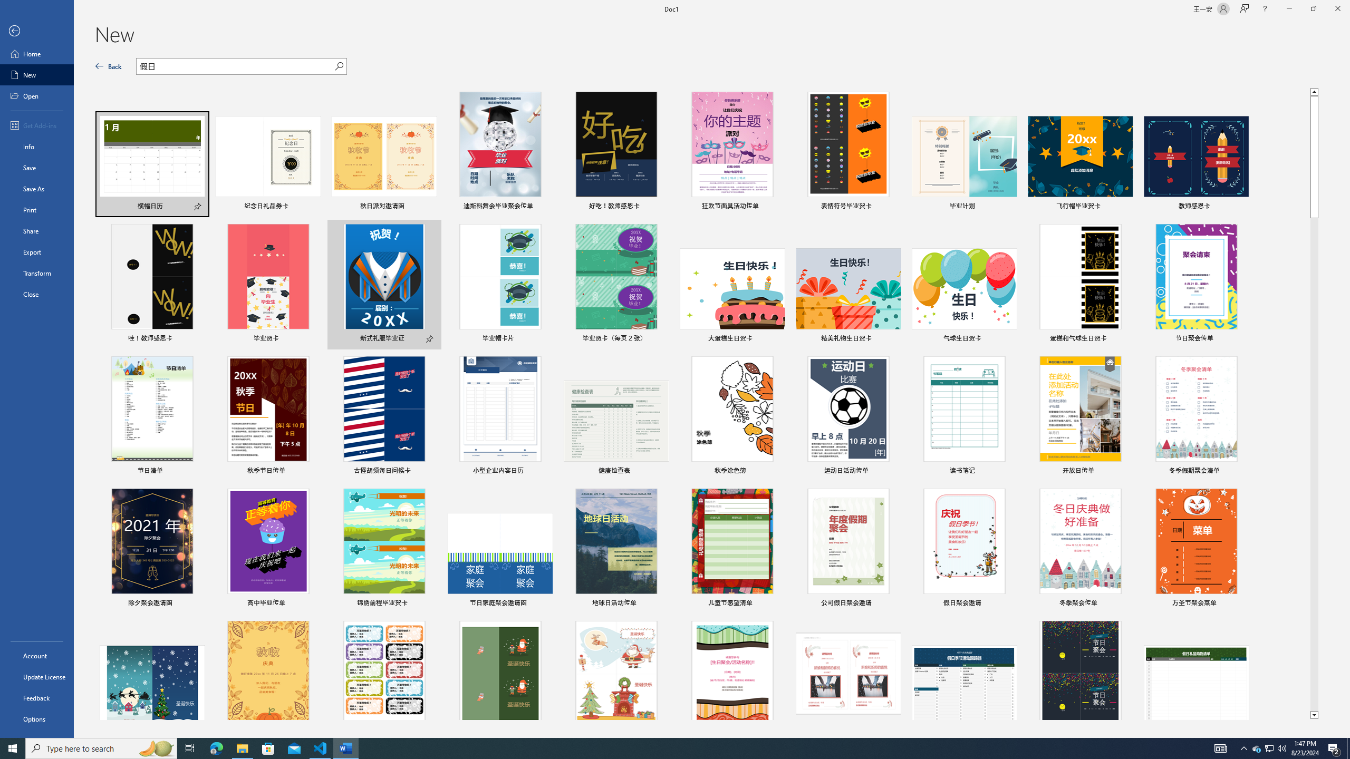  What do you see at coordinates (36, 273) in the screenshot?
I see `'Transform'` at bounding box center [36, 273].